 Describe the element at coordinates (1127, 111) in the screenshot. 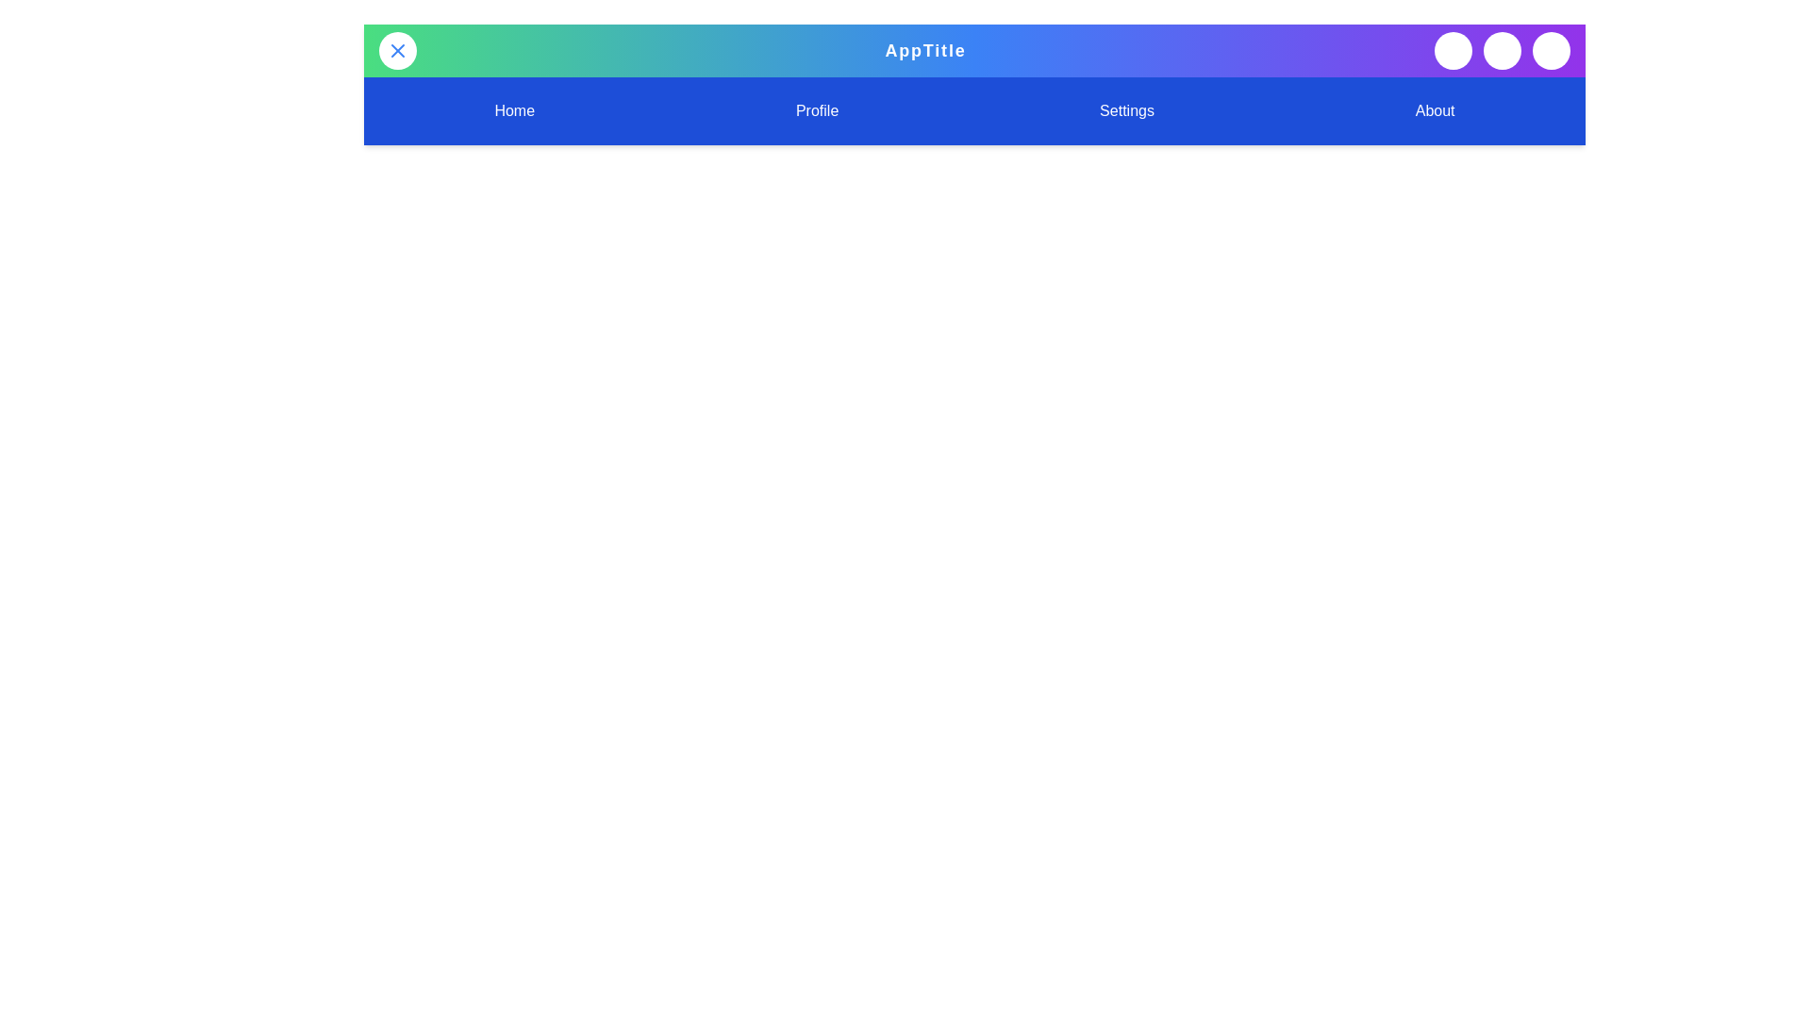

I see `the 'Settings' navigation item` at that location.